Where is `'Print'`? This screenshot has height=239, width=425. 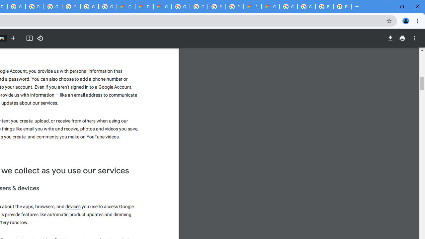
'Print' is located at coordinates (402, 38).